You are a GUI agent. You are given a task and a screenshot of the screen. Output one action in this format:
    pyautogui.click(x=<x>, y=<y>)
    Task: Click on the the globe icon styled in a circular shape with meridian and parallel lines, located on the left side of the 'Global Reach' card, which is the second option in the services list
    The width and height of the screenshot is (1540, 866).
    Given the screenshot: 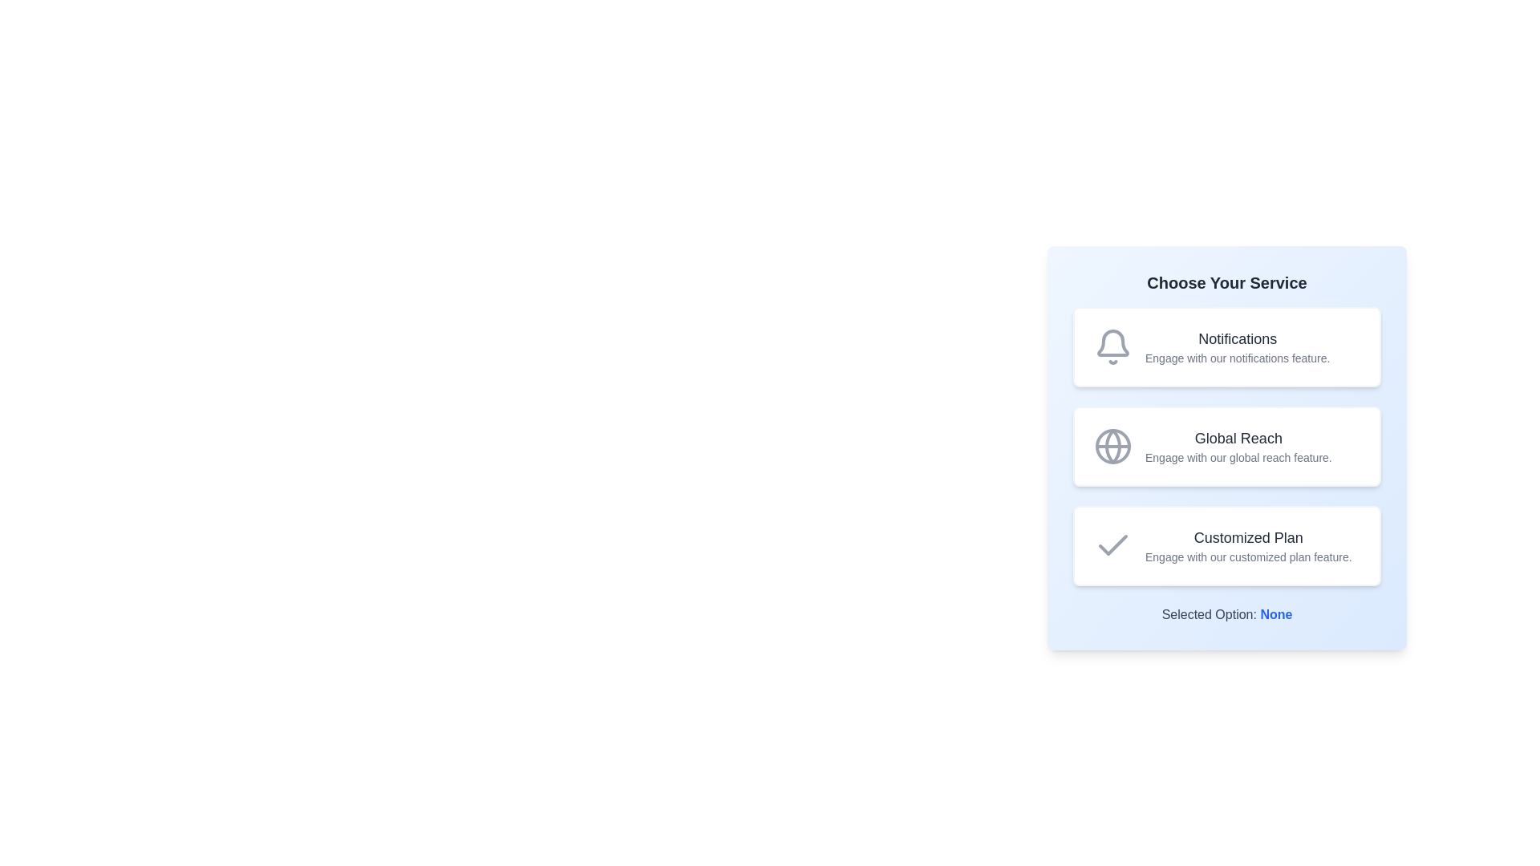 What is the action you would take?
    pyautogui.click(x=1112, y=446)
    